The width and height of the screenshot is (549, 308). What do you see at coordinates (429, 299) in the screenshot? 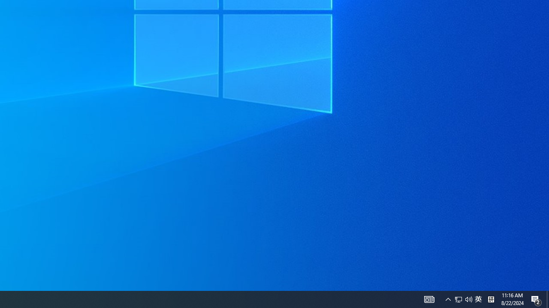
I see `'User Promoted Notification Area'` at bounding box center [429, 299].